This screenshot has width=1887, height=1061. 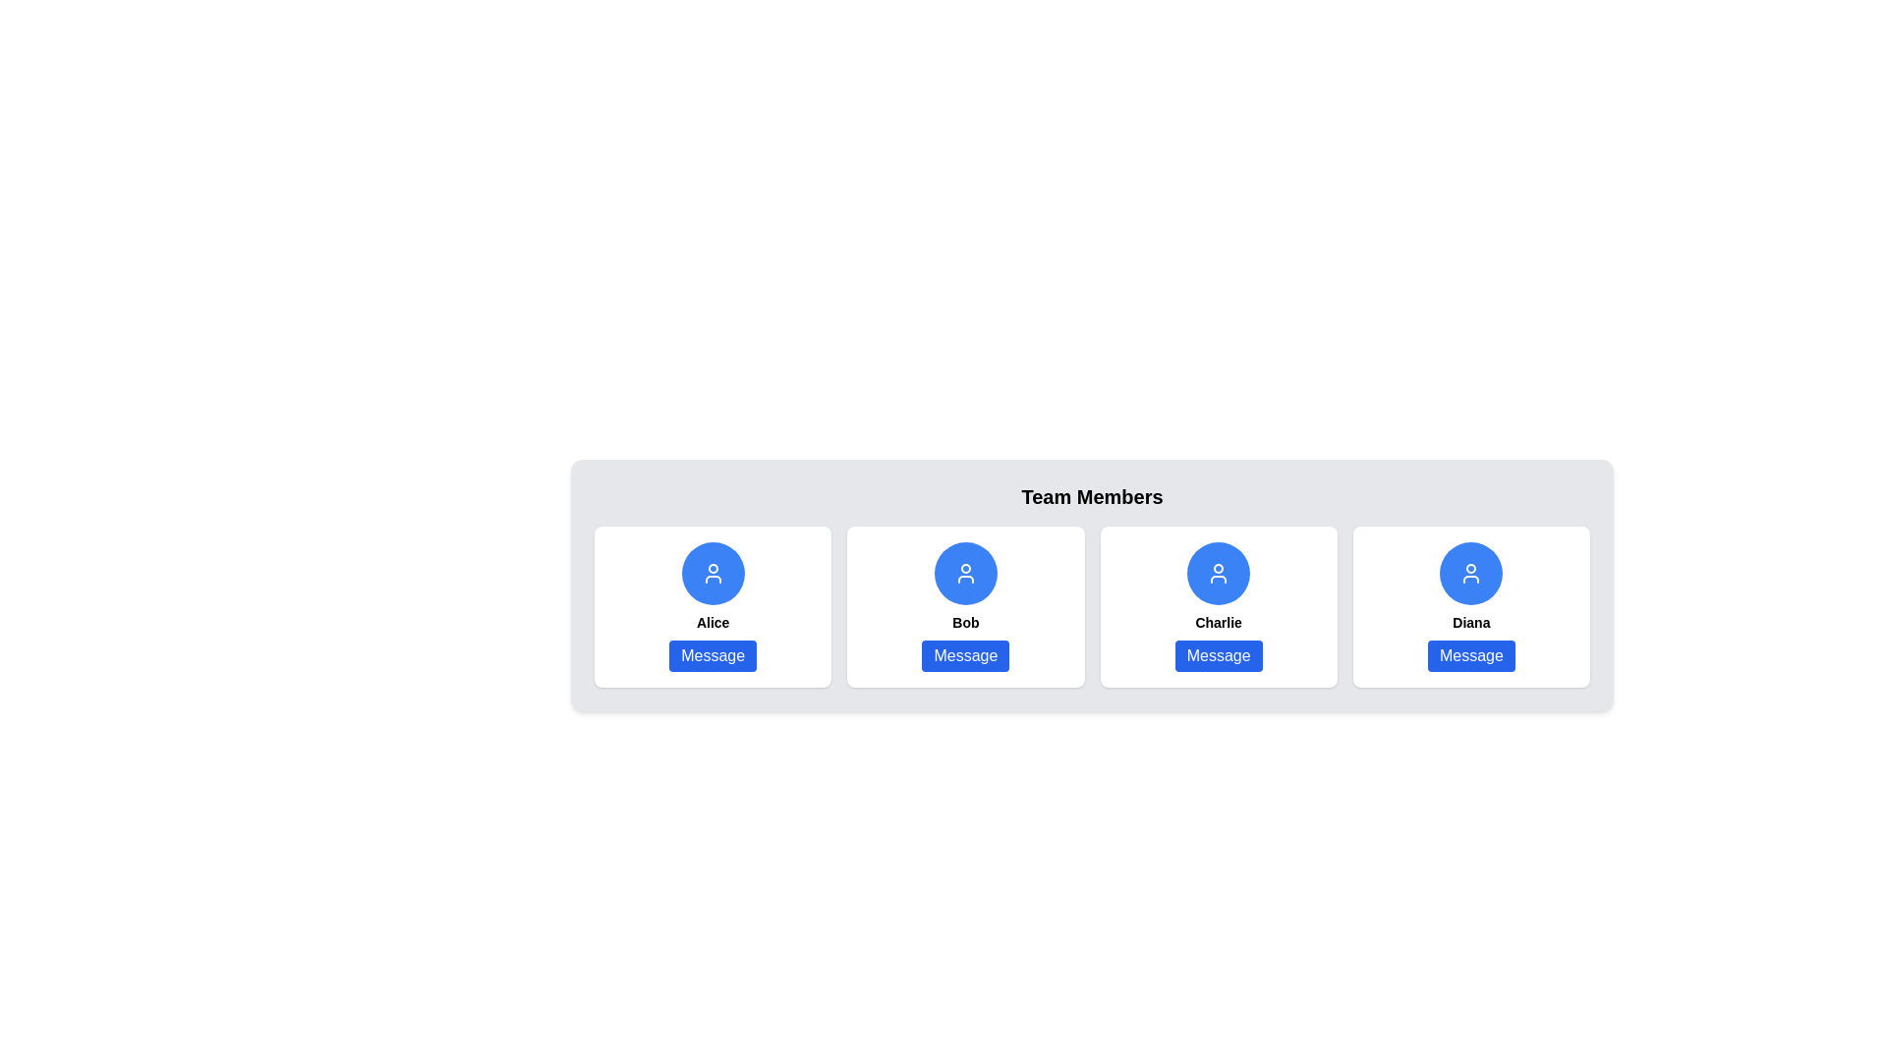 I want to click on the Profile Icon representing 'Charlie', which is located in the third card of four user profile cards, so click(x=1218, y=573).